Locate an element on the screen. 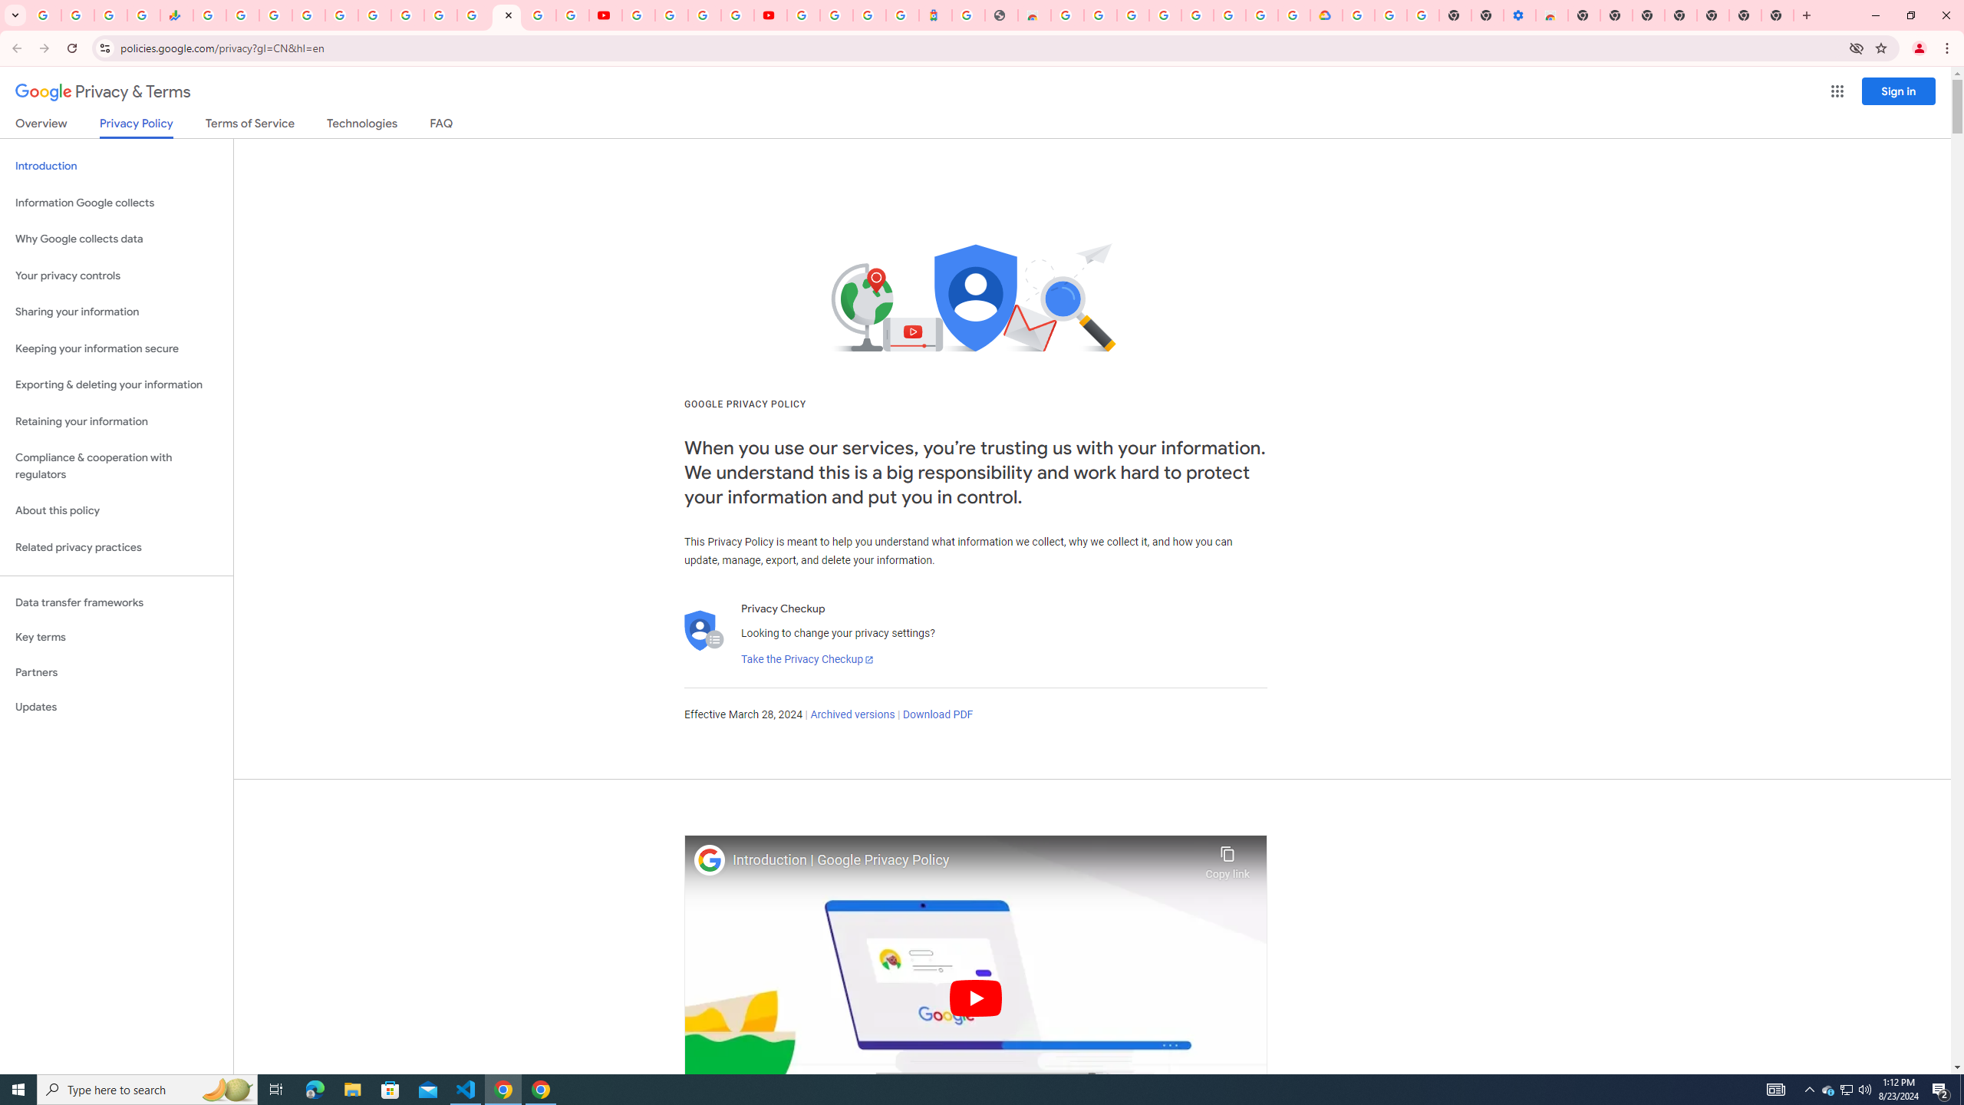  'About this policy' is located at coordinates (116, 511).